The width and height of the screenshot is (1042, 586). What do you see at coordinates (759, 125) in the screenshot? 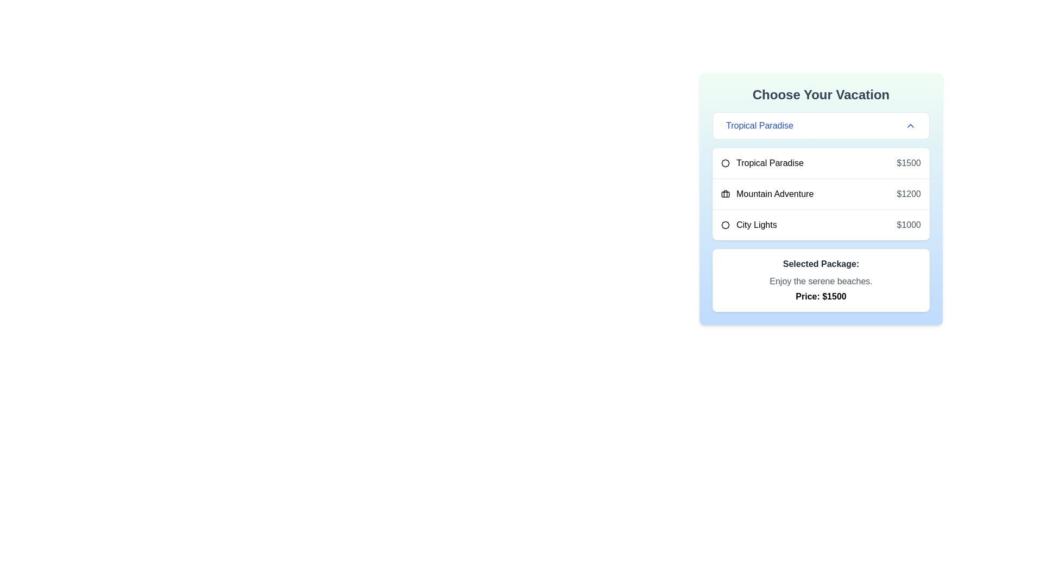
I see `the static text label indicating the currently selected vacation package, which is located at the top left of the vacation selection box` at bounding box center [759, 125].